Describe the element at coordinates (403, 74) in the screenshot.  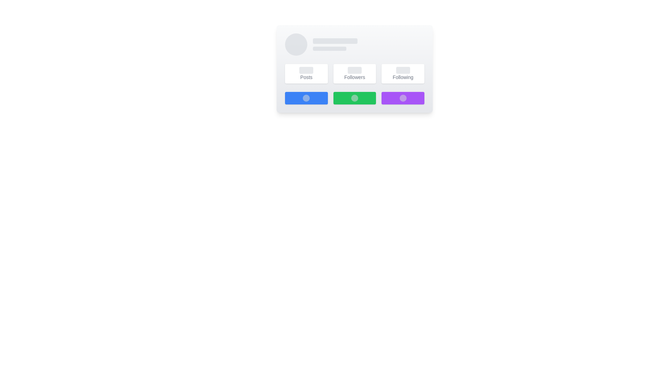
I see `the informational panel indicating 'Following', which is the third element in a horizontal sequence, positioned rightmost in its row` at that location.